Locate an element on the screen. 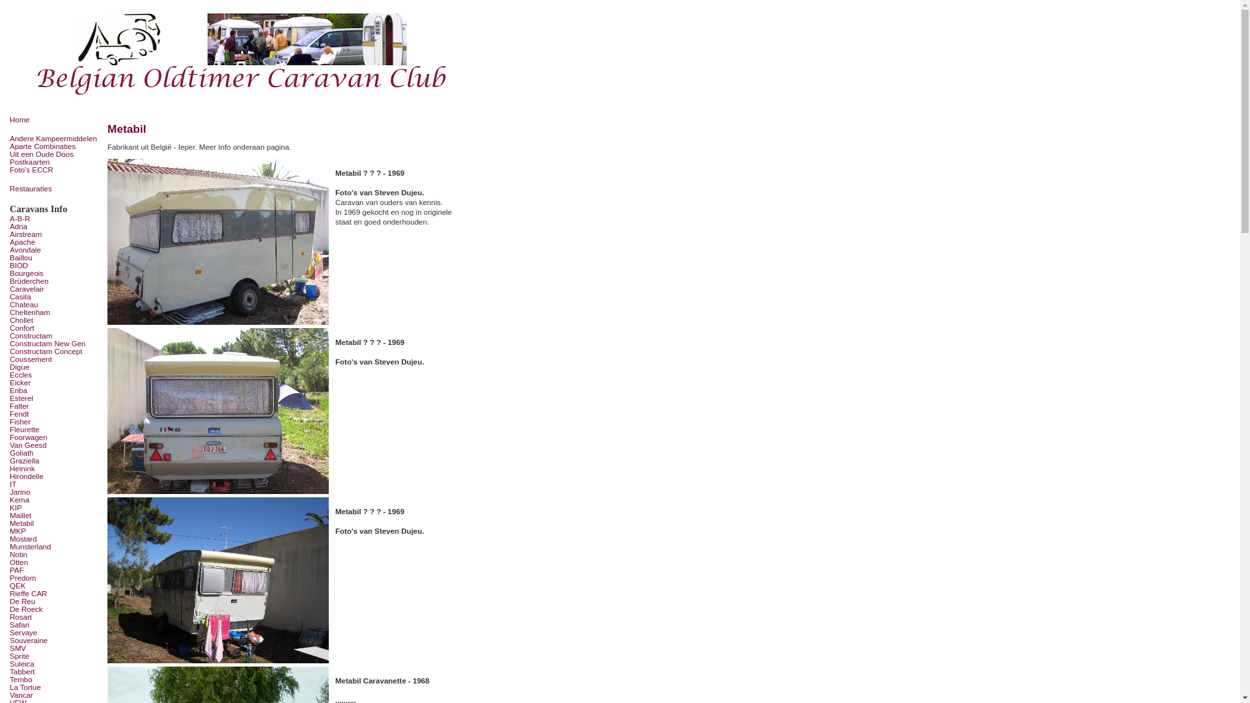 Image resolution: width=1250 pixels, height=703 pixels. 'Suleica' is located at coordinates (55, 663).